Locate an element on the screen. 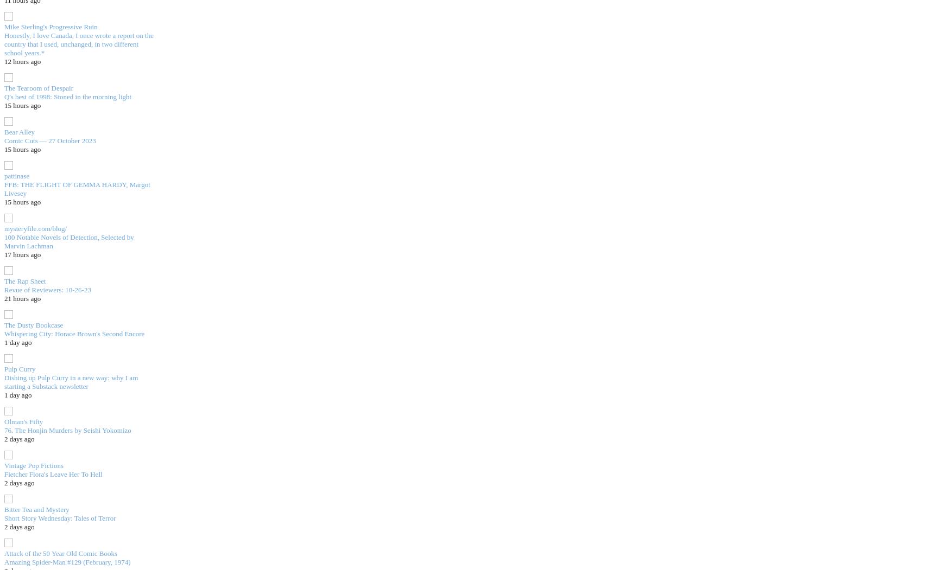 The image size is (929, 570). 'Honestly, I love Canada, I once wrote a report on the country that I used, unchanged, in two different school years.*' is located at coordinates (4, 43).